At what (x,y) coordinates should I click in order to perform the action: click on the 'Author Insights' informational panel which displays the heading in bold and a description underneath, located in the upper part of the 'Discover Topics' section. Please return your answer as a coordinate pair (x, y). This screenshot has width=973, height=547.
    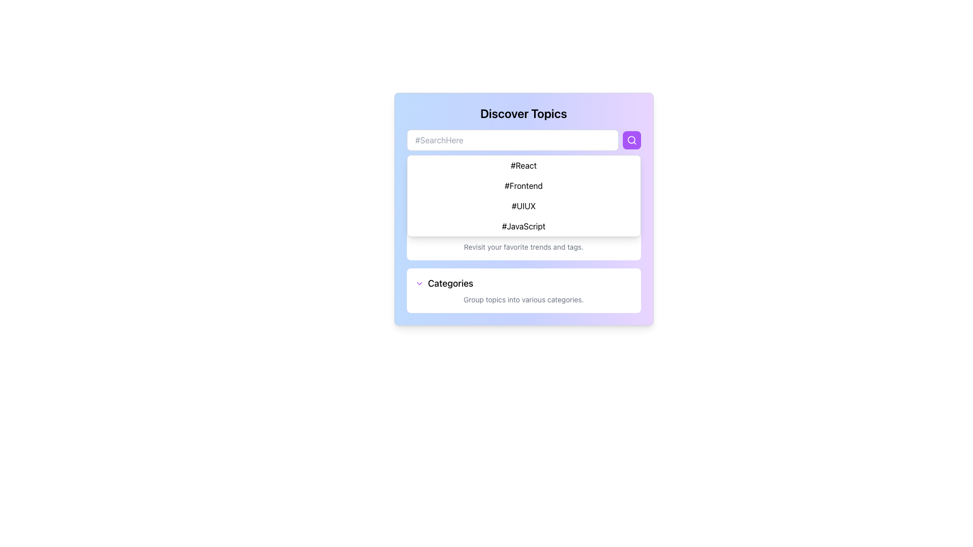
    Looking at the image, I should click on (523, 185).